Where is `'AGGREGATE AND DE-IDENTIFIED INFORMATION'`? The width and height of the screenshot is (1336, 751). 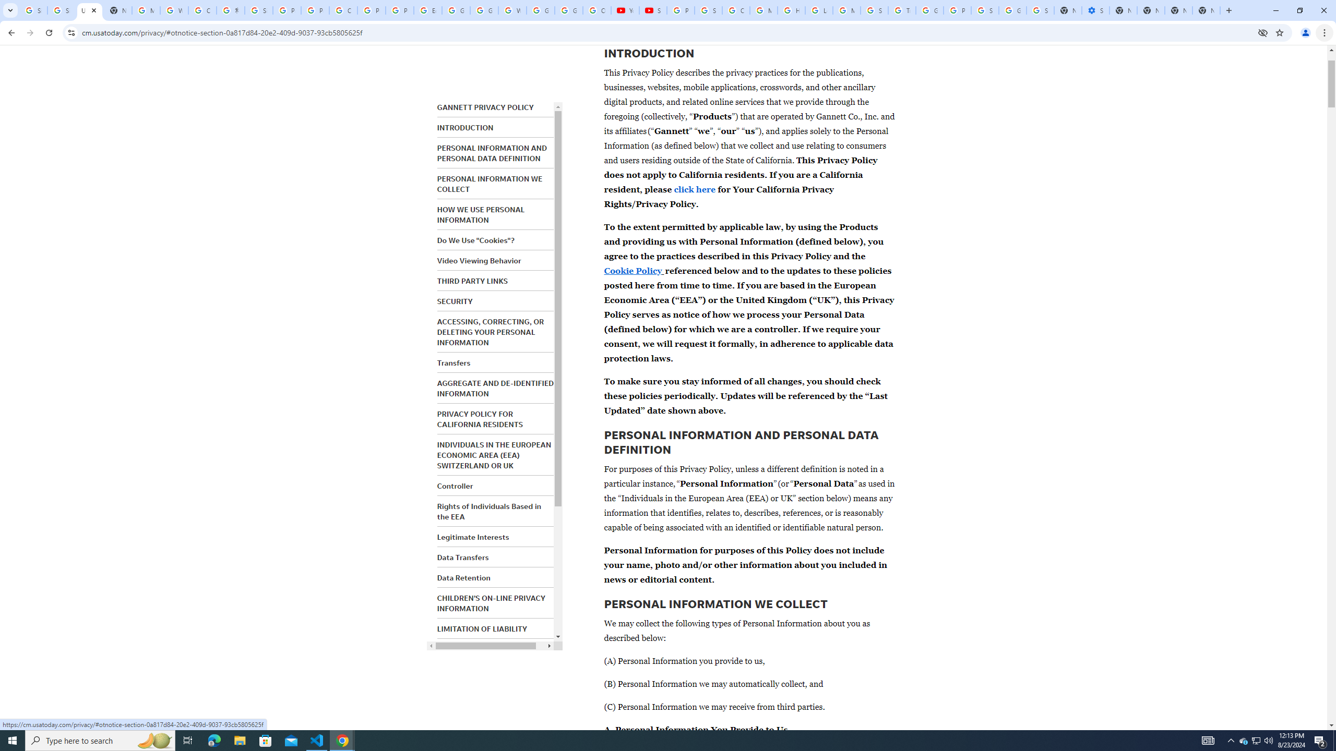
'AGGREGATE AND DE-IDENTIFIED INFORMATION' is located at coordinates (495, 388).